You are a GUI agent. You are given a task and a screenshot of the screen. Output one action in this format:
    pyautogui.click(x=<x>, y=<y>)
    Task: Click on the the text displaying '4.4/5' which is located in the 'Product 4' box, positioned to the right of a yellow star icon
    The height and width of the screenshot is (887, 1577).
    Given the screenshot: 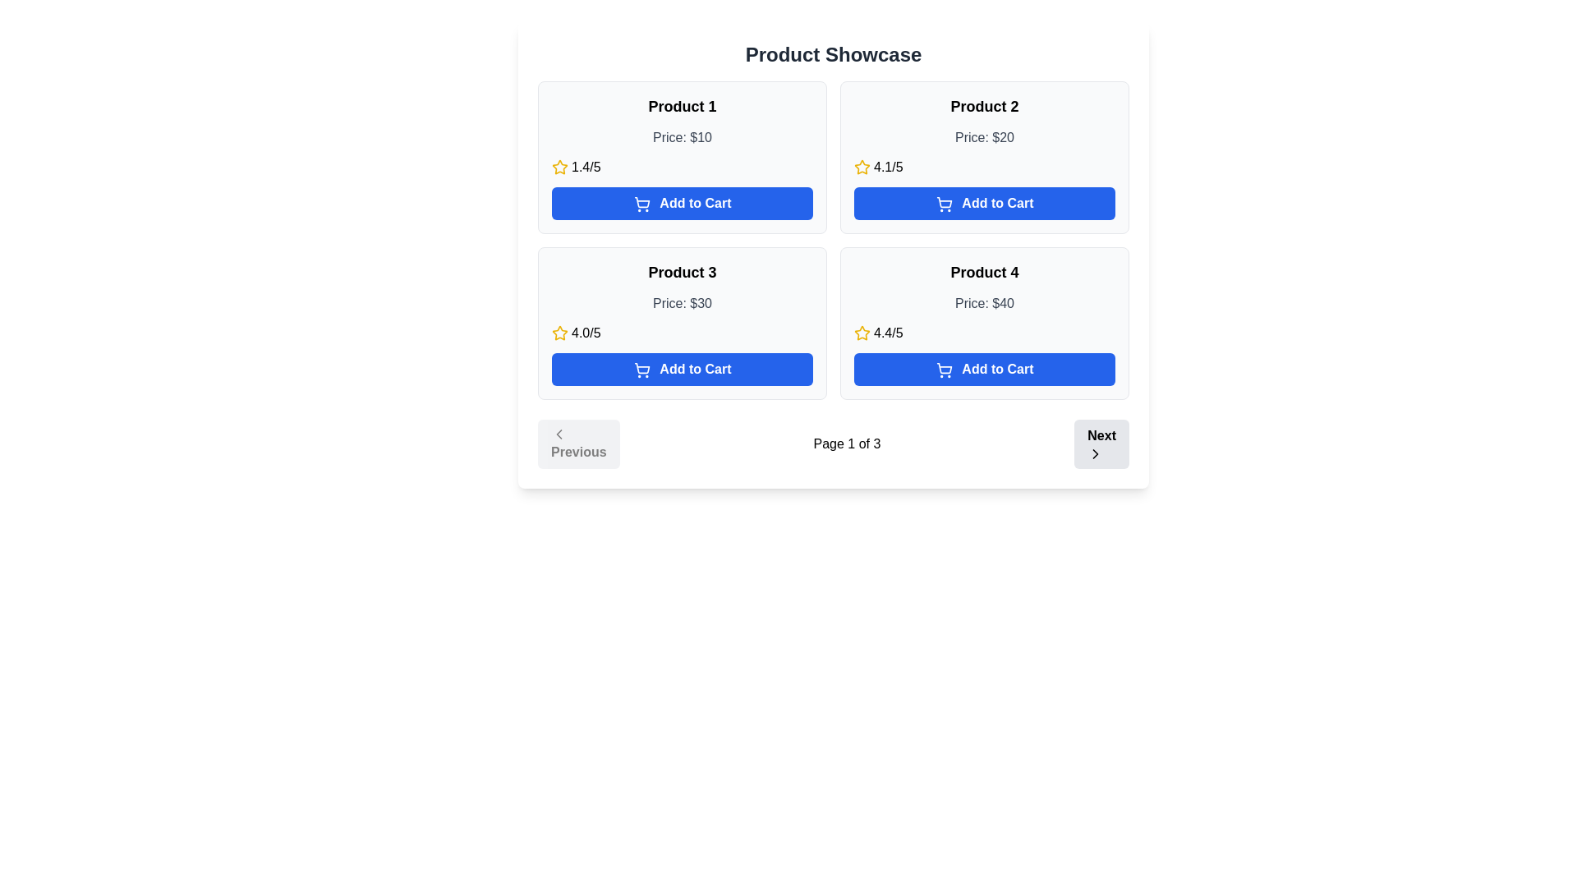 What is the action you would take?
    pyautogui.click(x=887, y=333)
    